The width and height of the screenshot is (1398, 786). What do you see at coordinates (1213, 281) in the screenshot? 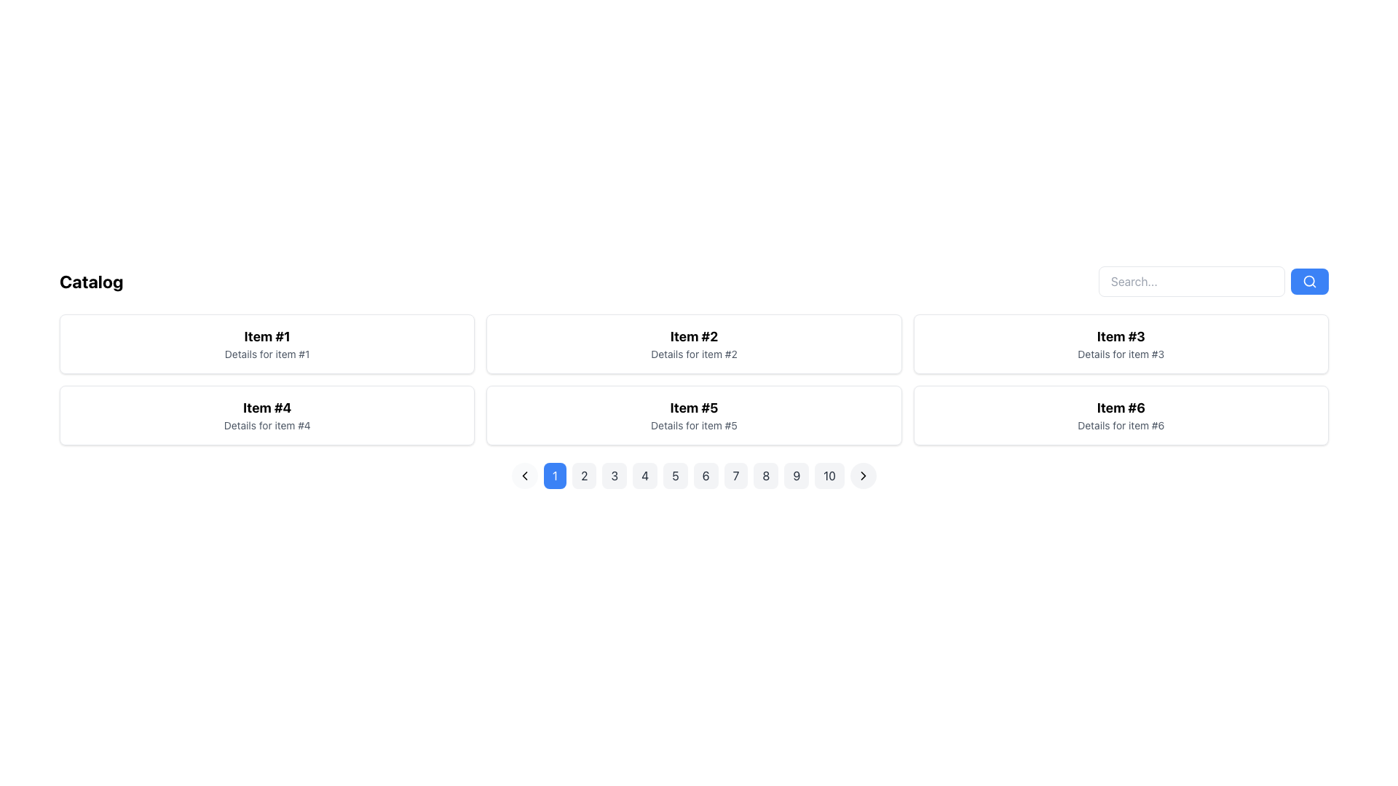
I see `the search button located in the top-right corner of the interface, adjacent to the title 'Catalog'` at bounding box center [1213, 281].